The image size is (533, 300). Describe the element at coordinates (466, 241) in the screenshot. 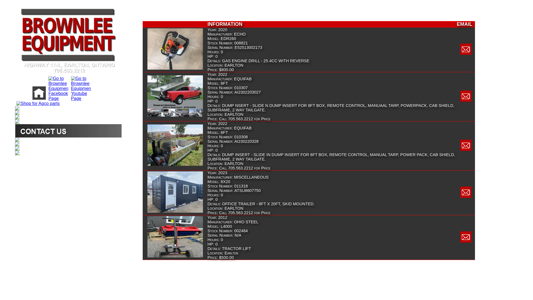

I see `'Email Brownlee Equipment'` at that location.